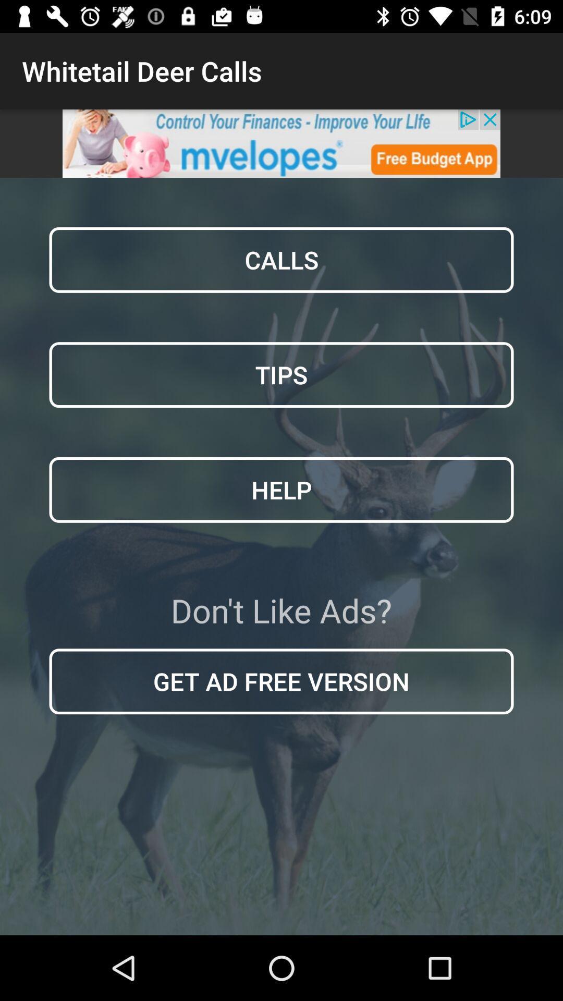  What do you see at coordinates (281, 143) in the screenshot?
I see `open advertisement` at bounding box center [281, 143].